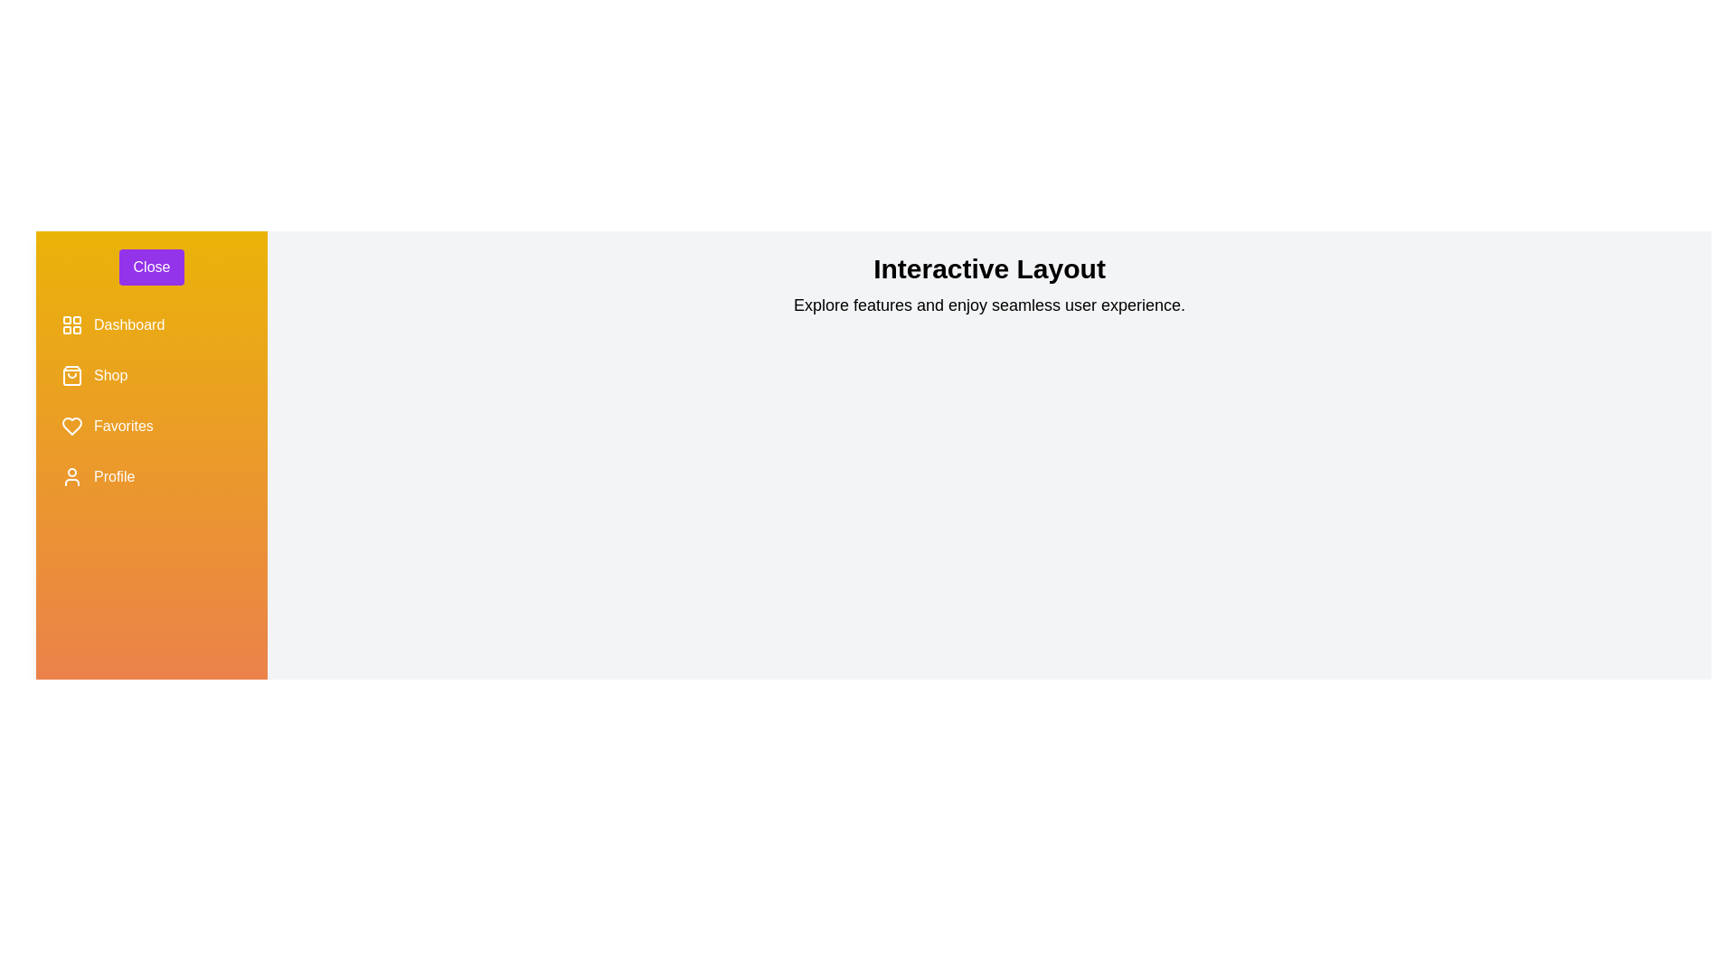  What do you see at coordinates (152, 375) in the screenshot?
I see `the menu item labeled Shop to observe its hover effect` at bounding box center [152, 375].